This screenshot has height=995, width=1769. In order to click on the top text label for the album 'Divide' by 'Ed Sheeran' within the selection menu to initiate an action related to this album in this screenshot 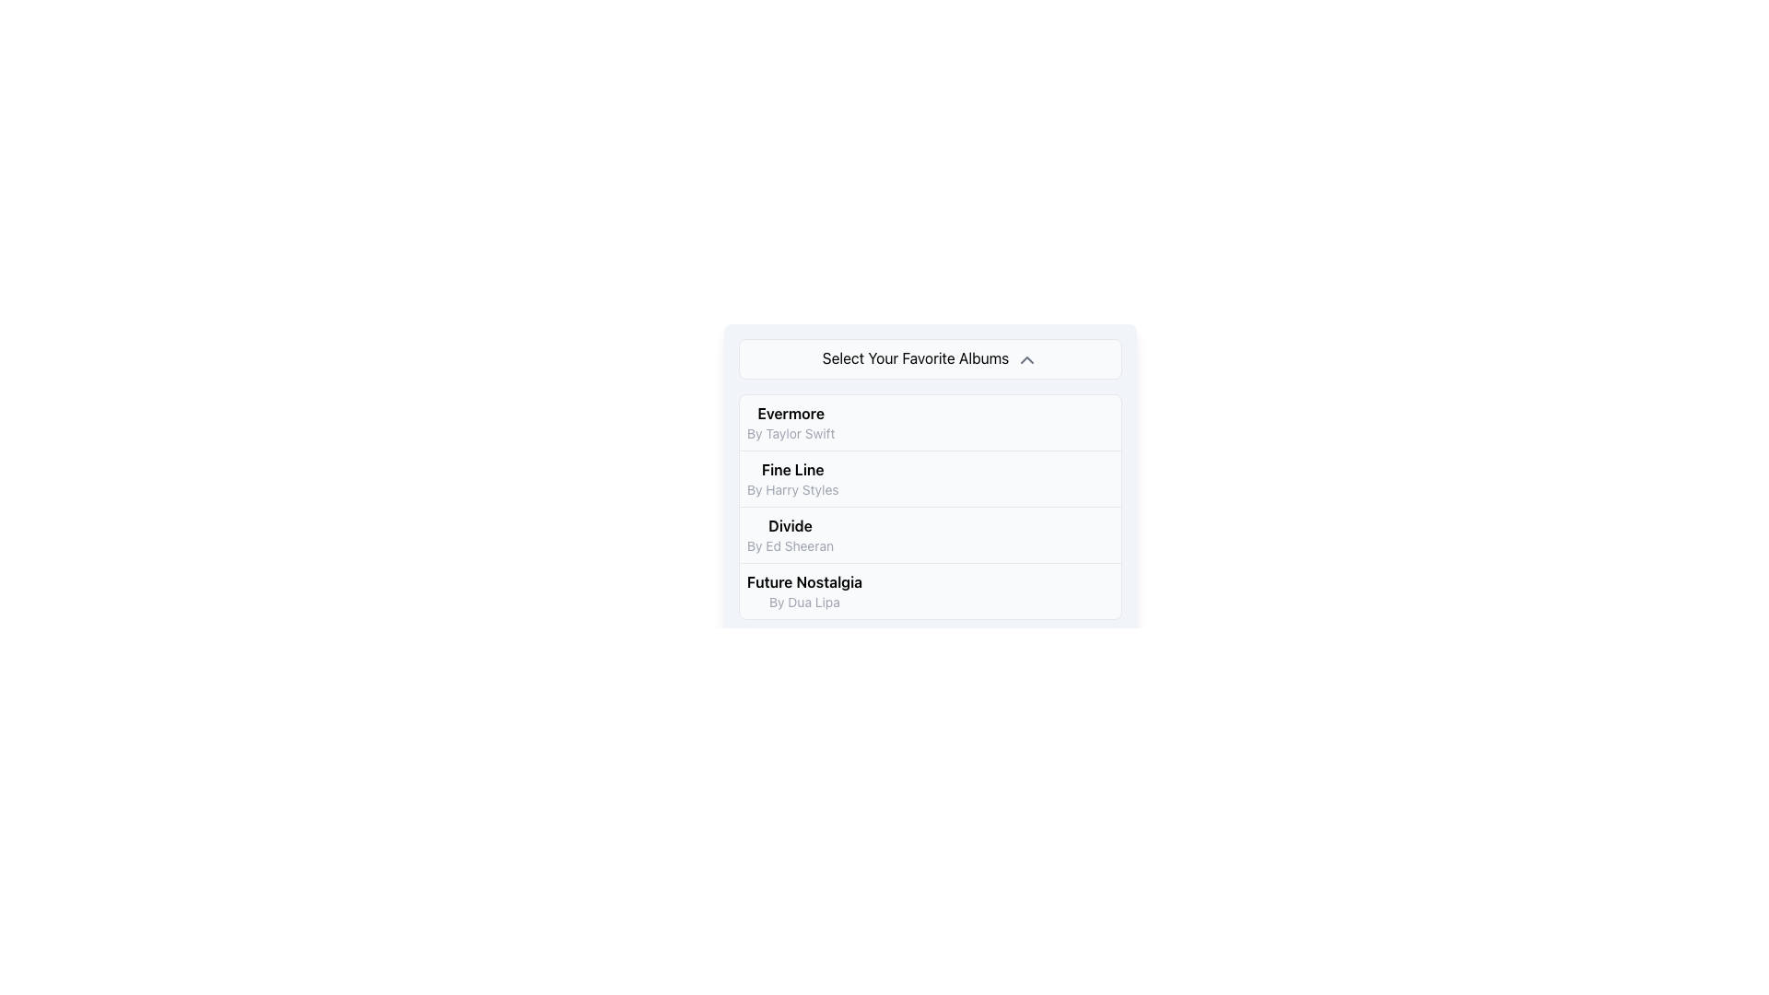, I will do `click(791, 525)`.